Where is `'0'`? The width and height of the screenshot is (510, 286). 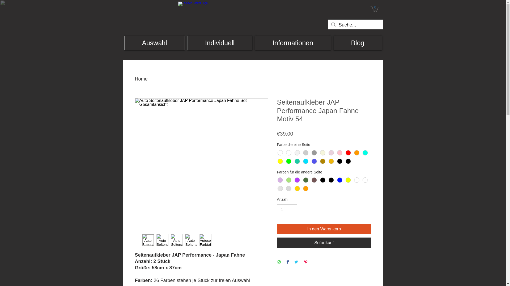
'0' is located at coordinates (370, 8).